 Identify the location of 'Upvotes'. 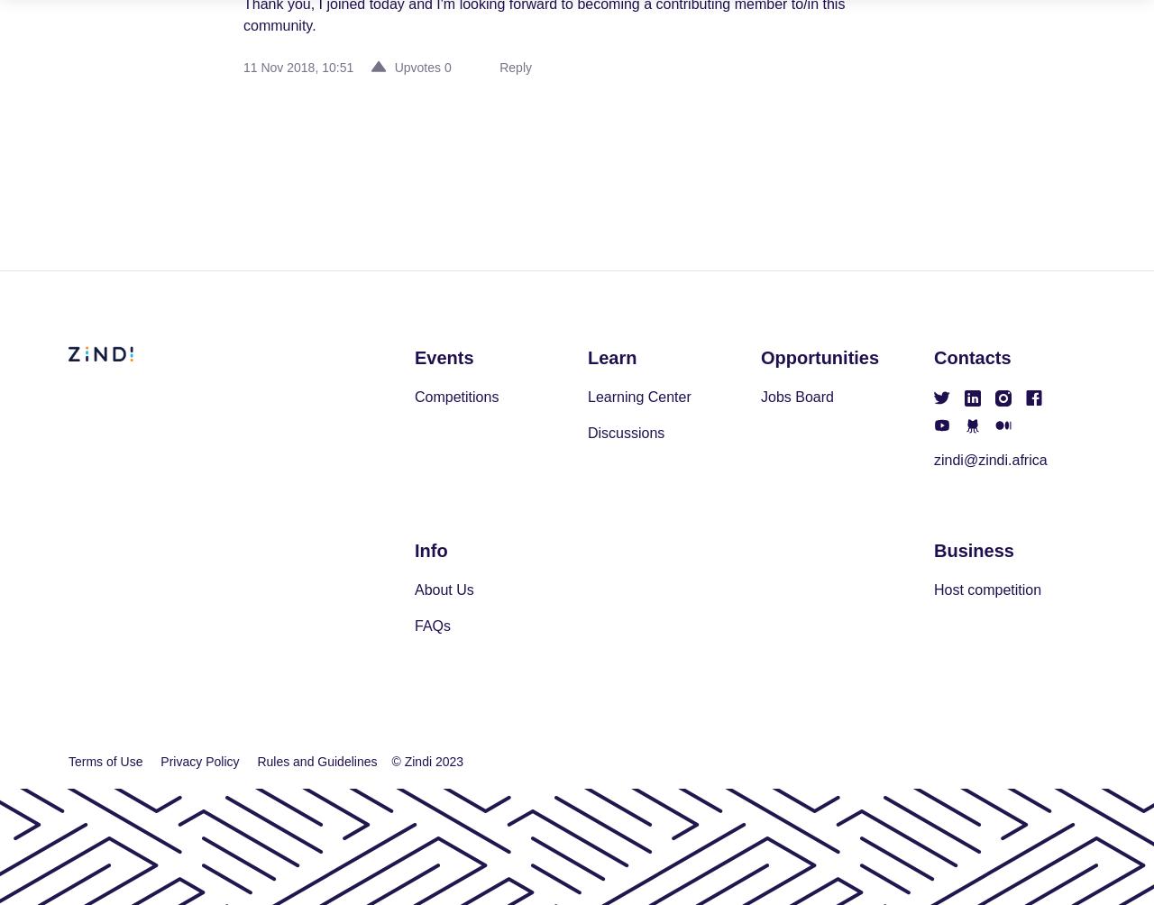
(417, 67).